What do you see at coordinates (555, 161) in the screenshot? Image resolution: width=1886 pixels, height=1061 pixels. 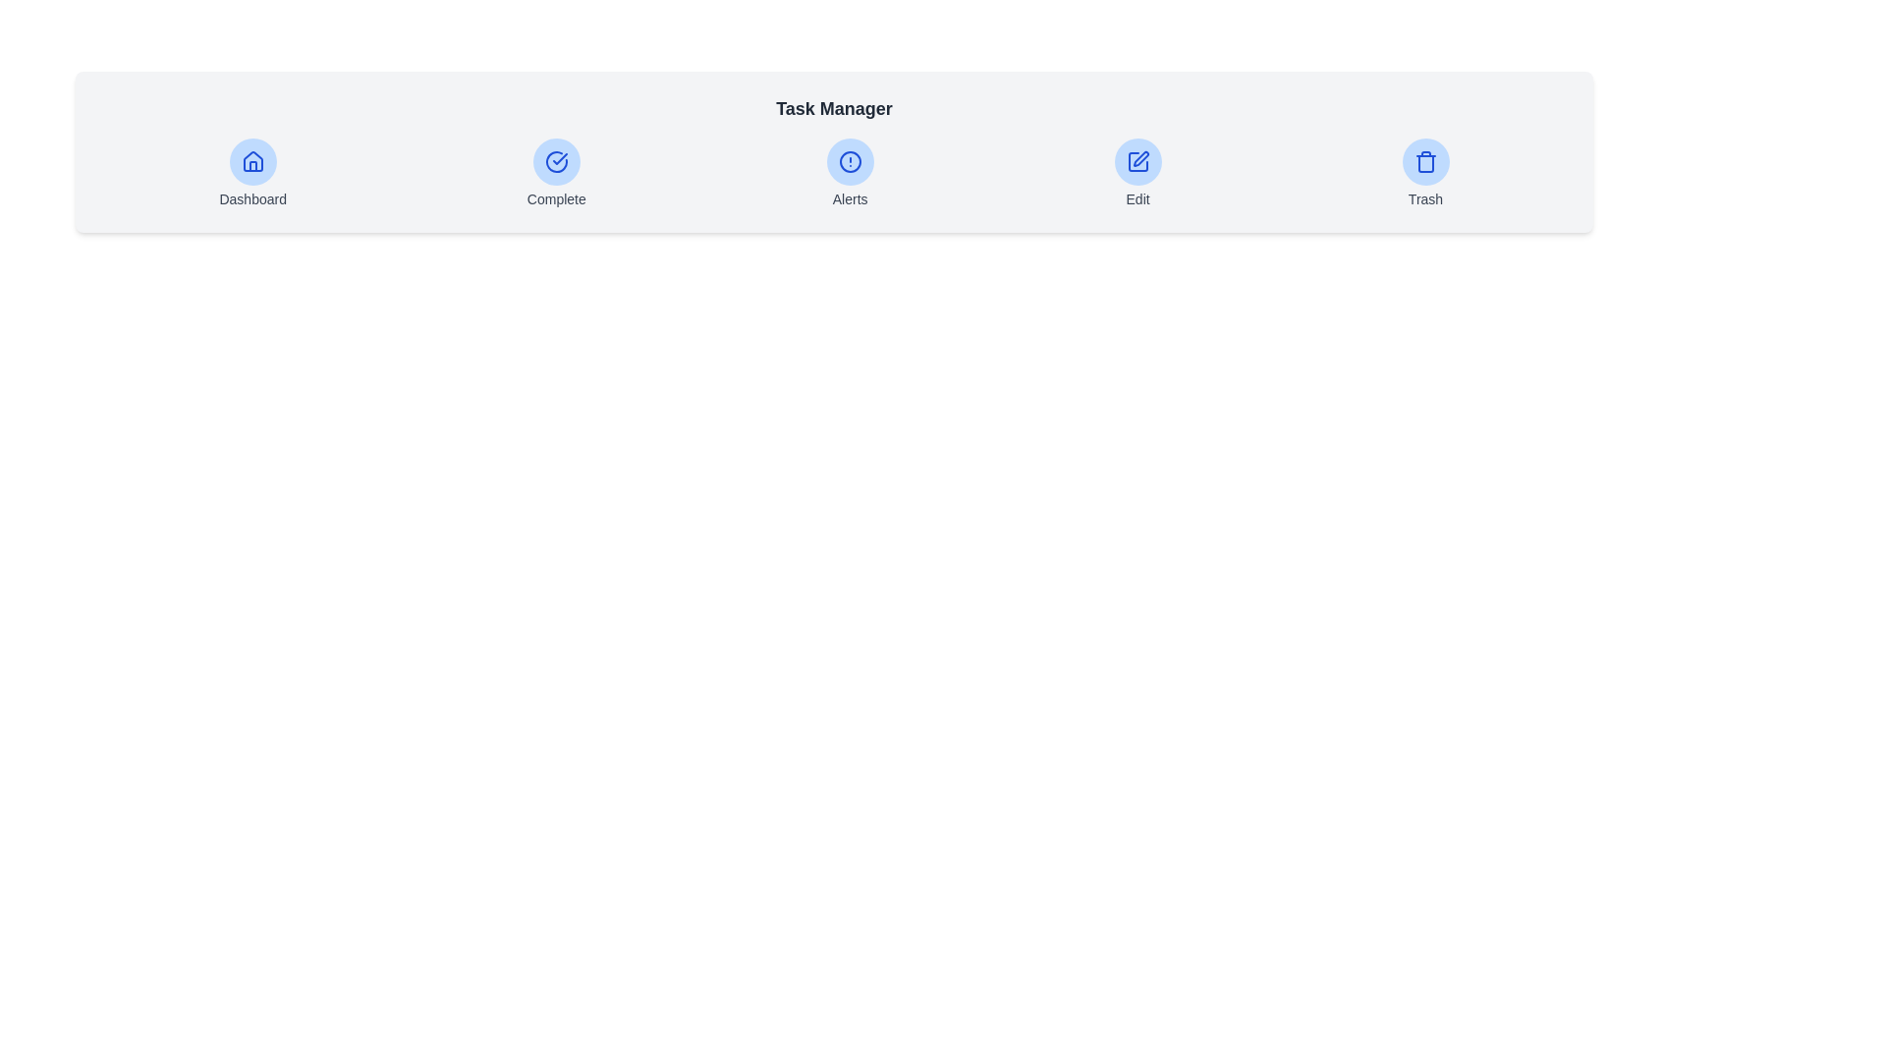 I see `the 'Complete' circular icon in the navigation bar` at bounding box center [555, 161].